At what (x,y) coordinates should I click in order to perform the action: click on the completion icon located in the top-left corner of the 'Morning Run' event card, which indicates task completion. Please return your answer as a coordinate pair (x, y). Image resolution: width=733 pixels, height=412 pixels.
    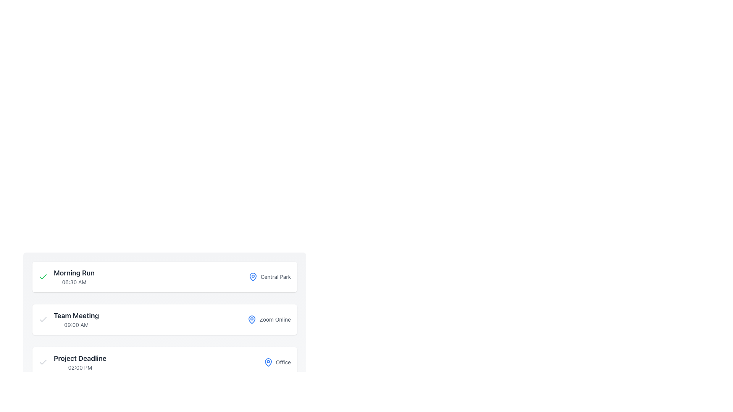
    Looking at the image, I should click on (43, 277).